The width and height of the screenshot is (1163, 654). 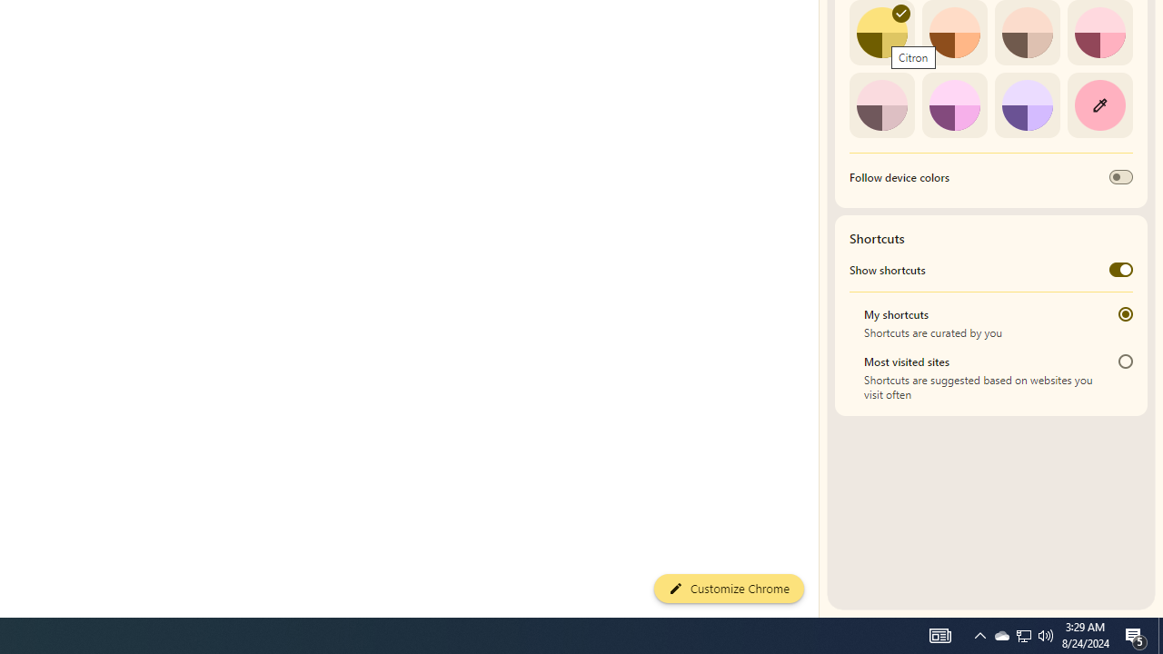 What do you see at coordinates (881, 33) in the screenshot?
I see `'Citron'` at bounding box center [881, 33].